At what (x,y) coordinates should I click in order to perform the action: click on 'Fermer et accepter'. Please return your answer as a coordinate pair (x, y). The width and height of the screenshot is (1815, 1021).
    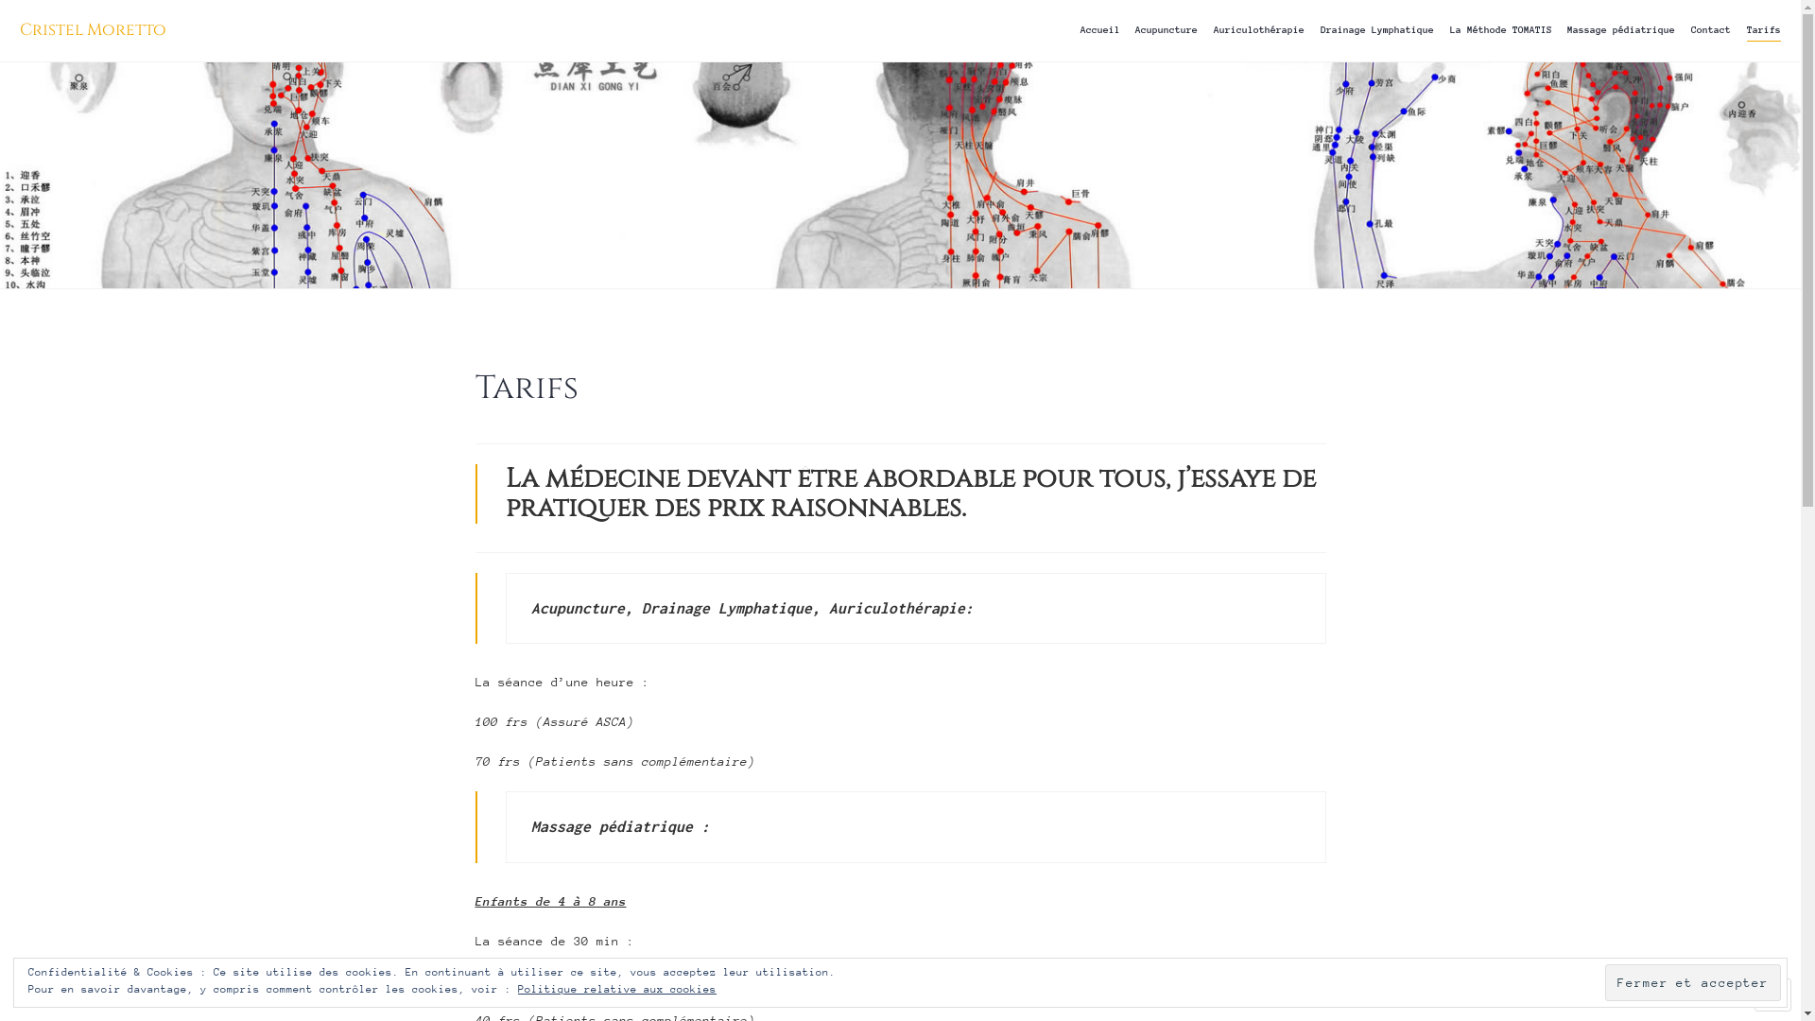
    Looking at the image, I should click on (1692, 981).